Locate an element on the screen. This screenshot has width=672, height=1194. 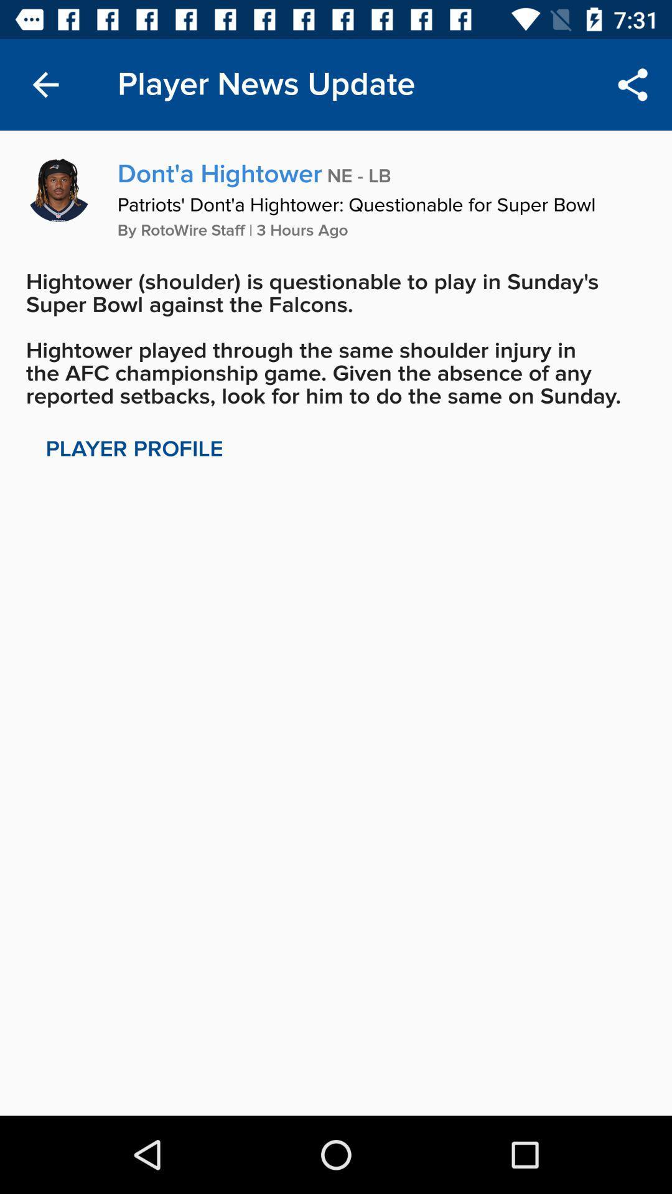
the hightower shoulder is is located at coordinates (336, 339).